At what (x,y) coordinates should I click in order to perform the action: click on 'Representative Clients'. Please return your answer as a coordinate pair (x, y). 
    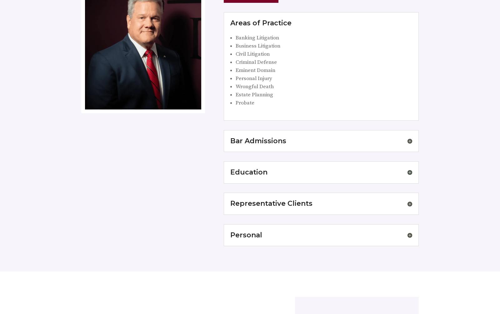
    Looking at the image, I should click on (271, 203).